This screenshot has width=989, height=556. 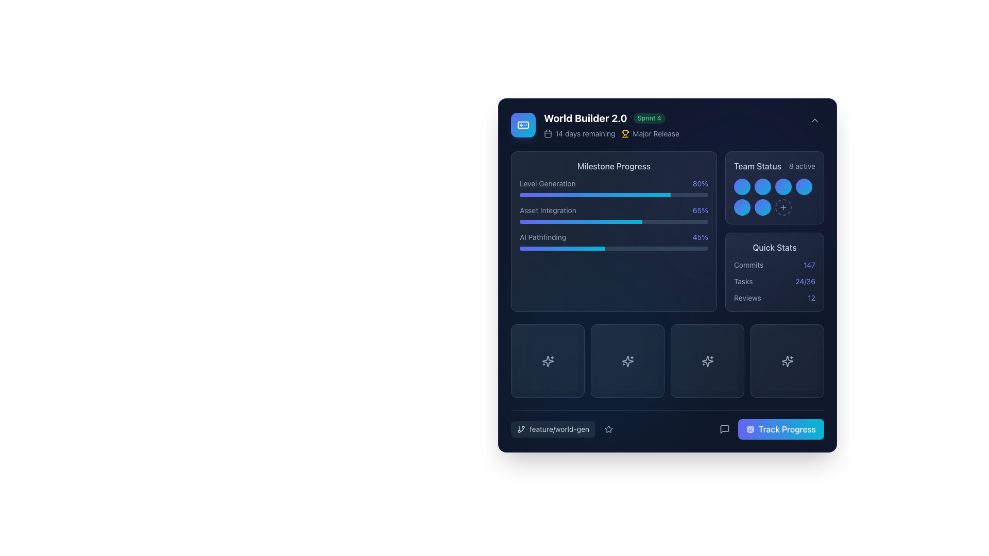 I want to click on the calendar icon, which is visually represented with a square outline and grid-like patterns, located in the top-left quadrant of the card section, to the left of the '14 days remaining' text, so click(x=548, y=133).